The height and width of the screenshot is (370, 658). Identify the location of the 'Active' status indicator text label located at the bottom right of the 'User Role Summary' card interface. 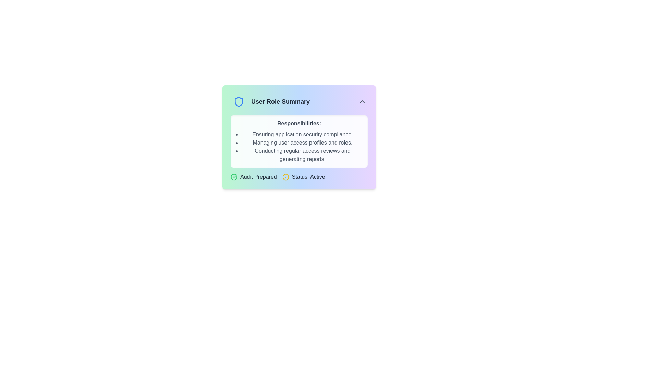
(308, 176).